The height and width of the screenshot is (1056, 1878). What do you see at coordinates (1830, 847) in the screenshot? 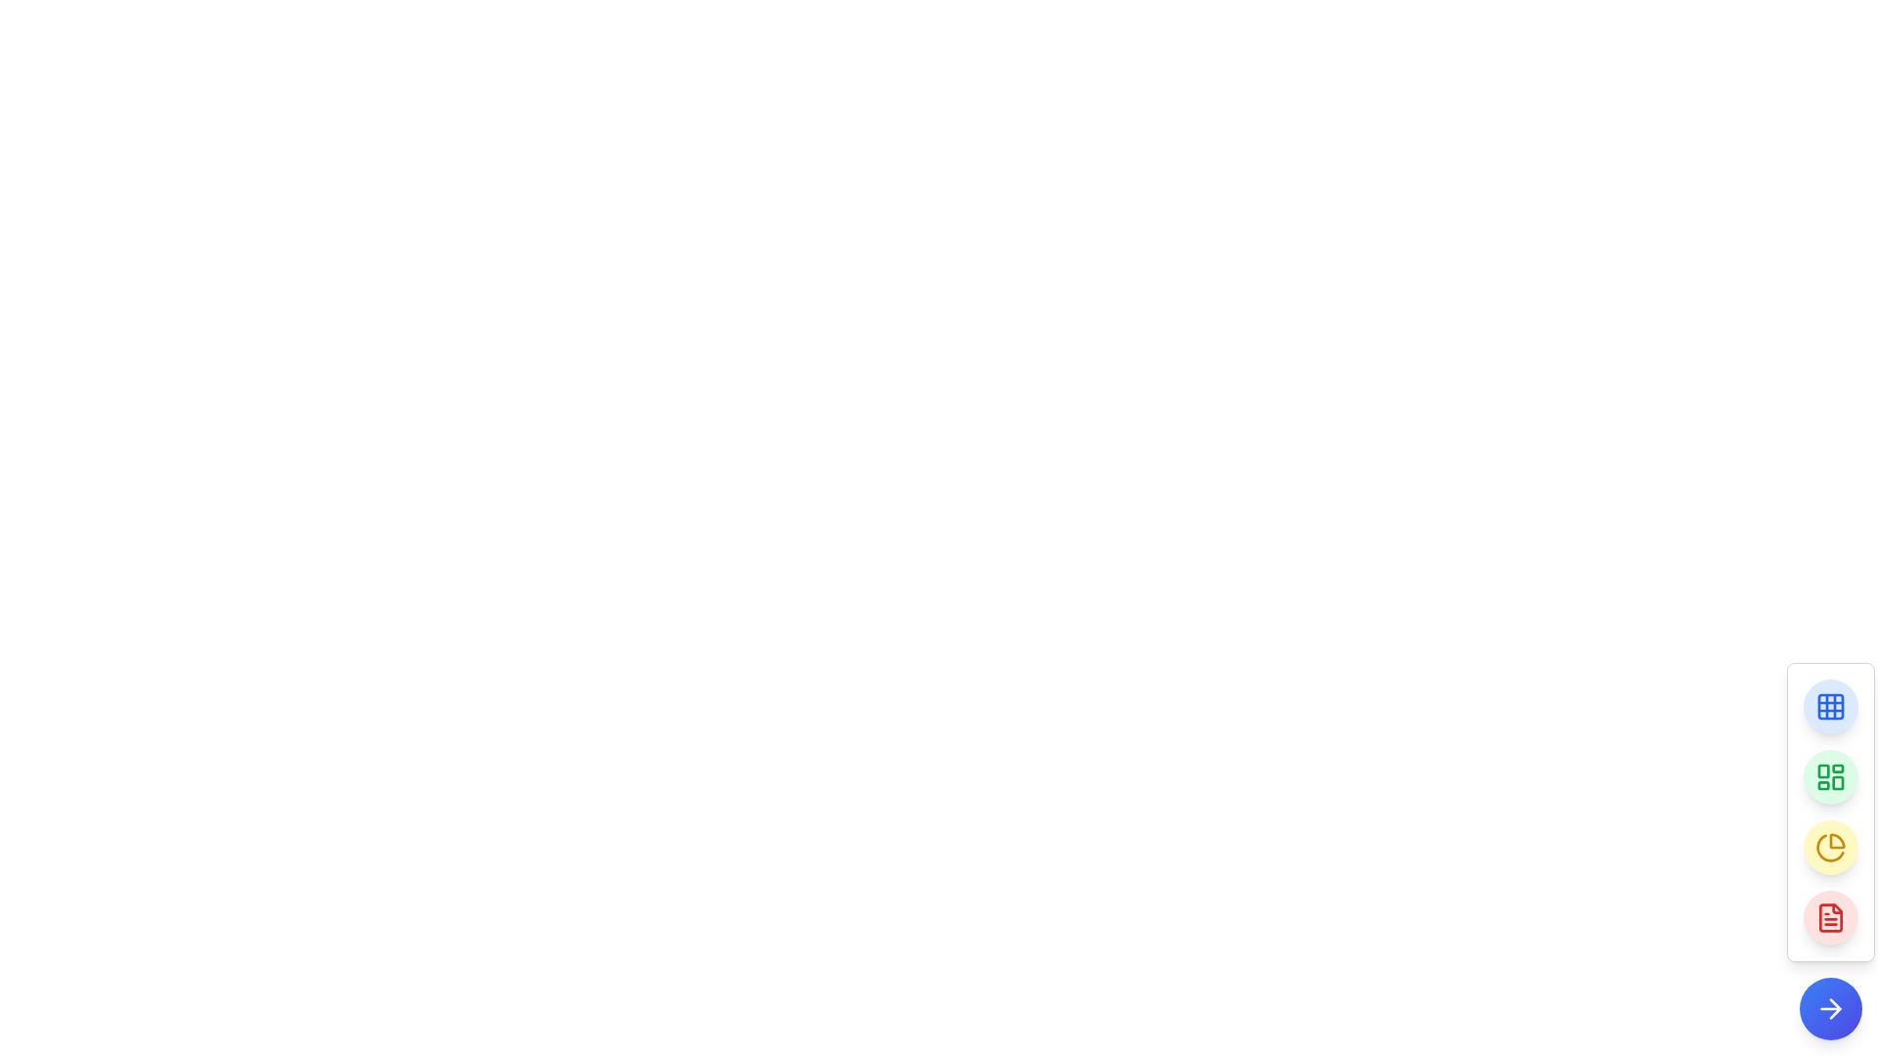
I see `the yellow pie chart icon located in the third button of the vertical toolbar on the right side of the interface` at bounding box center [1830, 847].